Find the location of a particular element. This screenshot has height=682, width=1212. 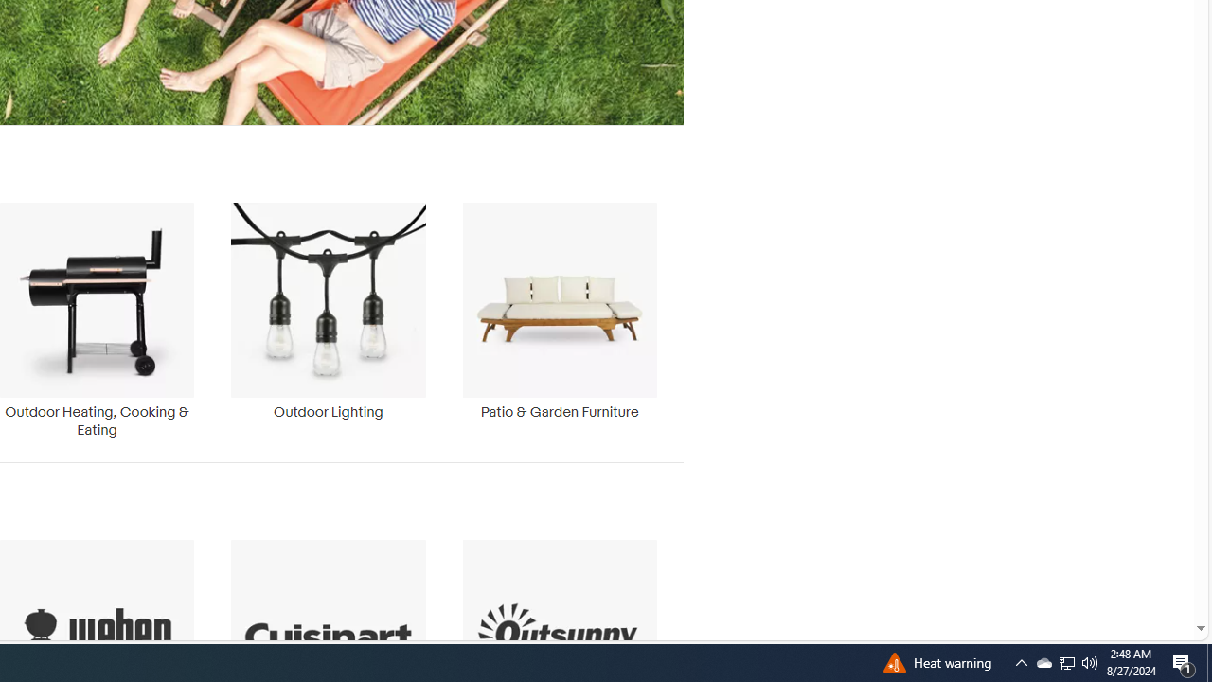

'Outdoor Lighting' is located at coordinates (328, 319).